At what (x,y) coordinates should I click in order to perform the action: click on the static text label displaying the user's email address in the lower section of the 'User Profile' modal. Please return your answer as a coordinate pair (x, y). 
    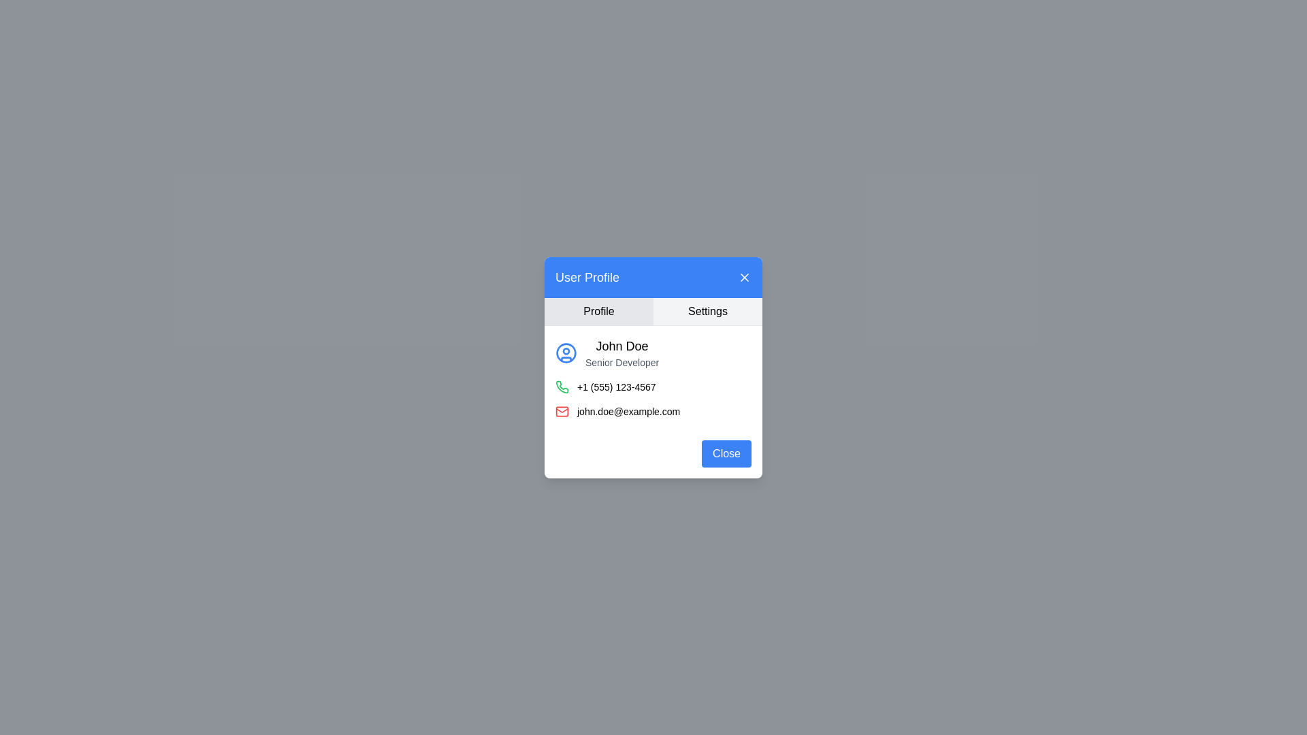
    Looking at the image, I should click on (628, 410).